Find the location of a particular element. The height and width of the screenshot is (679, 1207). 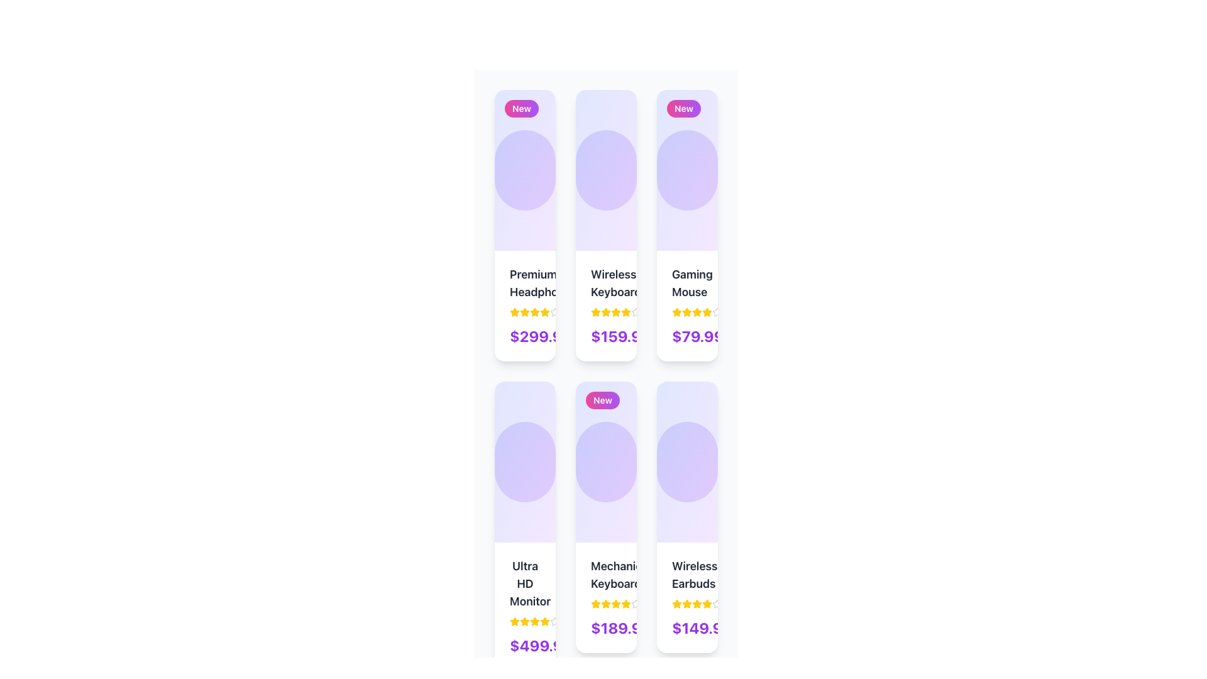

the third yellow star icon in the five-star rating system is located at coordinates (615, 311).